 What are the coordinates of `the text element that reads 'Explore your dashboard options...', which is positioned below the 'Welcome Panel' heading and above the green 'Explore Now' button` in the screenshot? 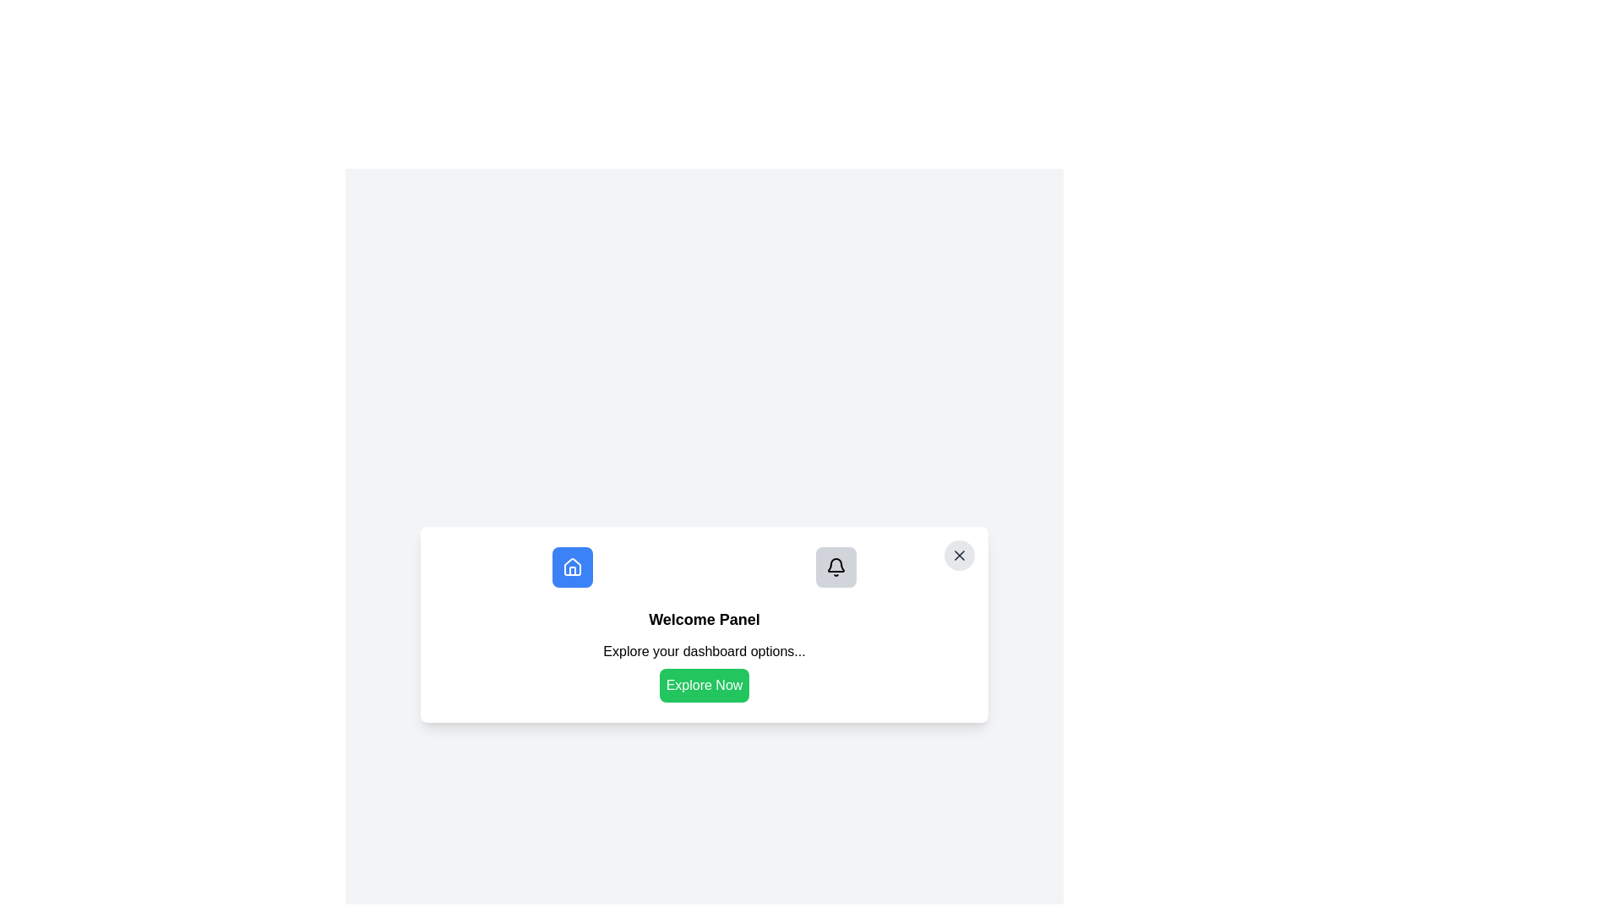 It's located at (705, 650).